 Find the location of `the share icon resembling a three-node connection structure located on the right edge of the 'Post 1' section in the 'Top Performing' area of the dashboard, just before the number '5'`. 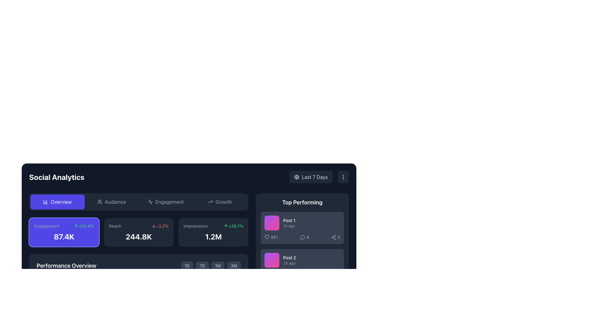

the share icon resembling a three-node connection structure located on the right edge of the 'Post 1' section in the 'Top Performing' area of the dashboard, just before the number '5' is located at coordinates (333, 237).